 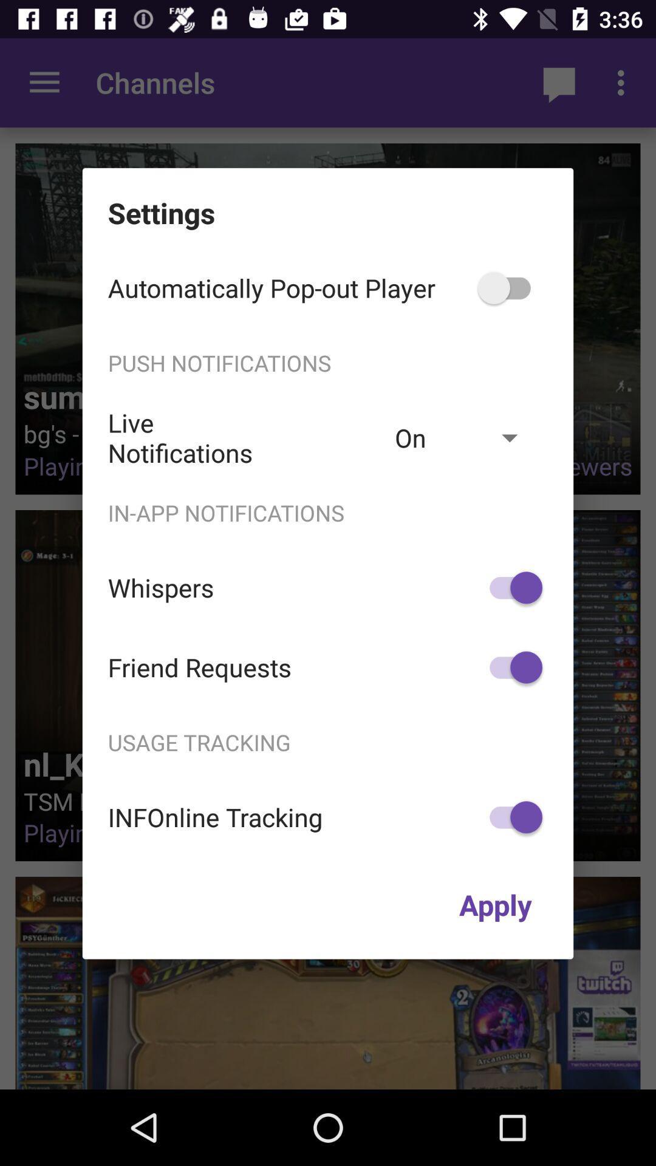 I want to click on the icon to the right of the automatically pop out, so click(x=510, y=287).